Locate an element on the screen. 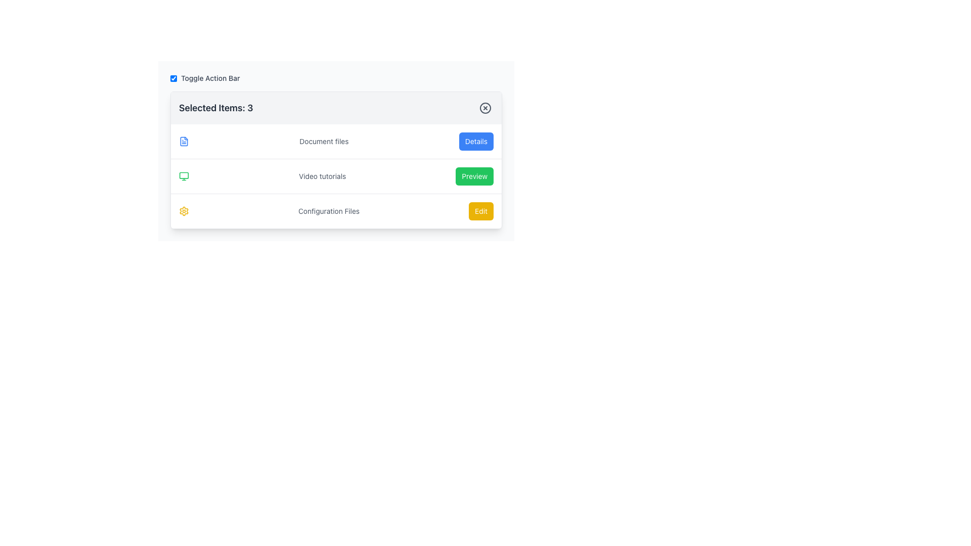 Image resolution: width=971 pixels, height=546 pixels. the text label located in the third row of the list, positioned to the right of a yellow gear-shaped icon and to the left of a yellow 'Edit' button is located at coordinates (329, 210).